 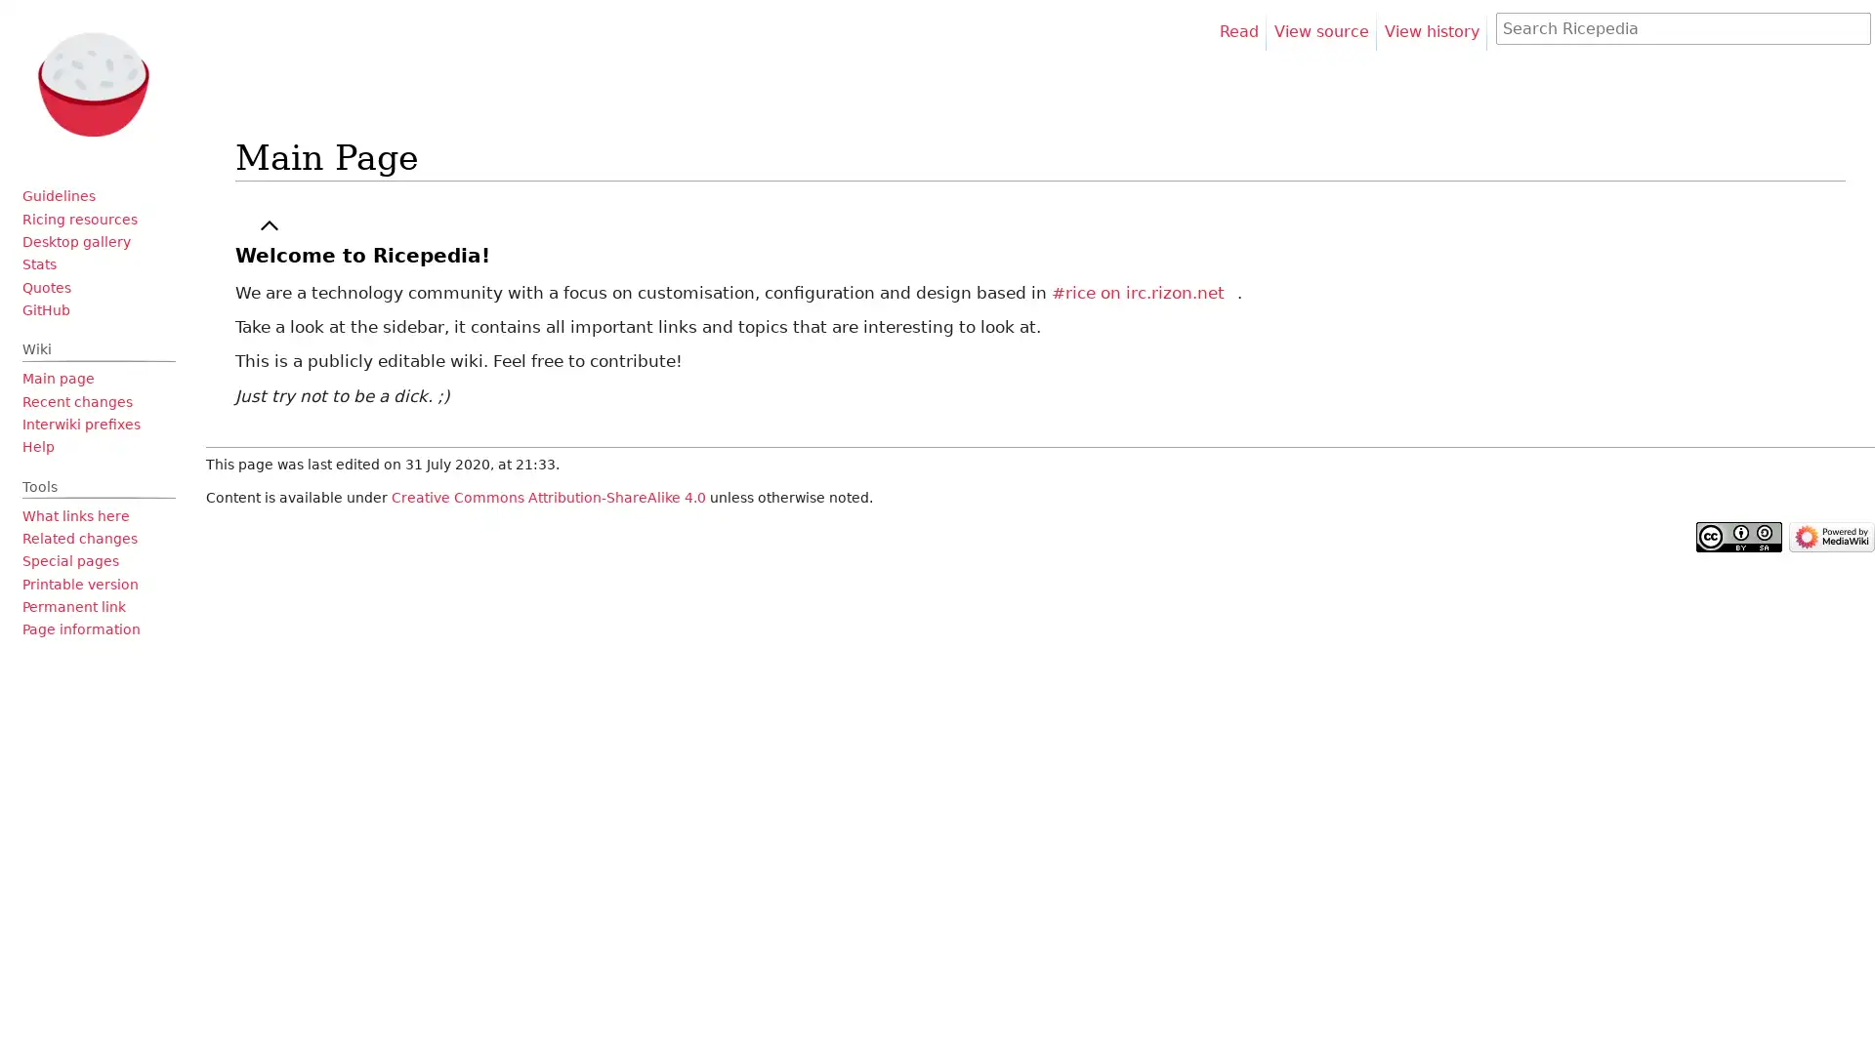 What do you see at coordinates (361, 255) in the screenshot?
I see `Welcome to Ricepedia!` at bounding box center [361, 255].